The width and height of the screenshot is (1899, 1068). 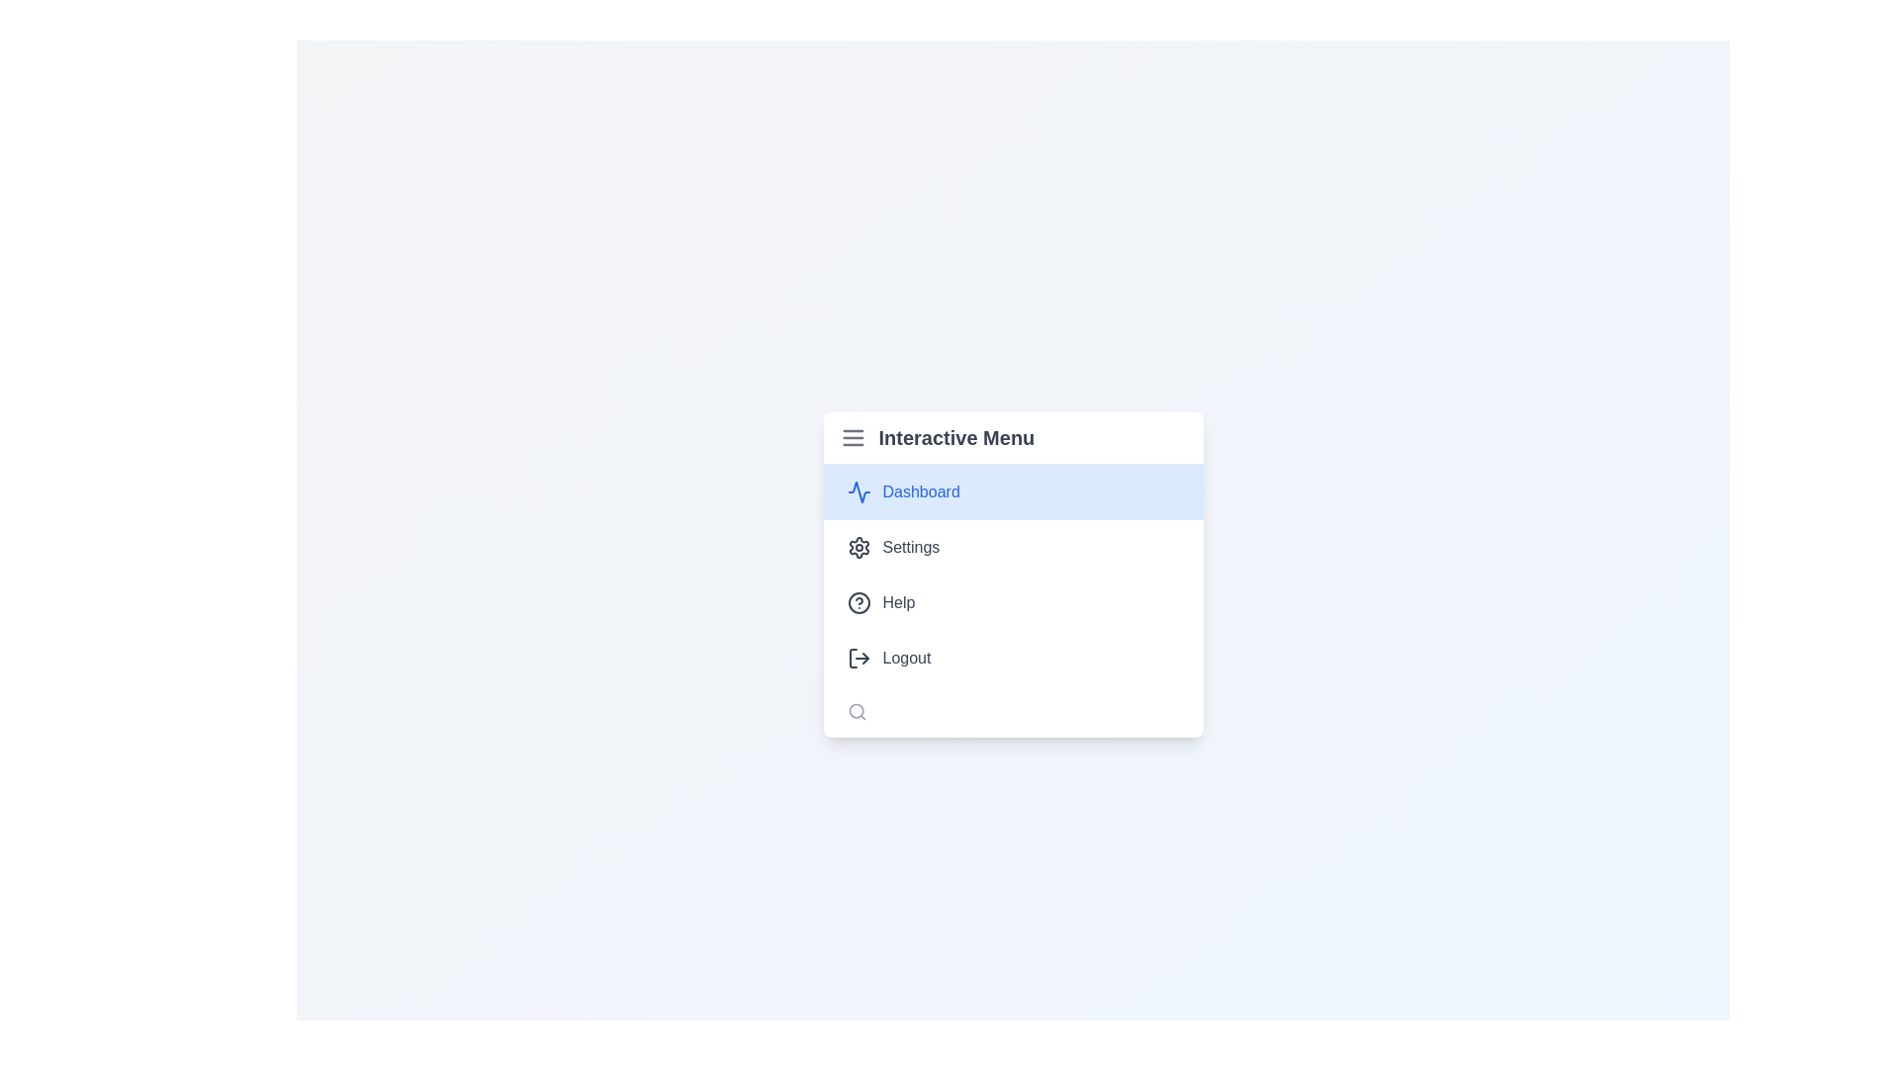 I want to click on the 'Interactive Menu' text label, which is a bold and large font label positioned to the right of a menu icon in the header section, so click(x=956, y=436).